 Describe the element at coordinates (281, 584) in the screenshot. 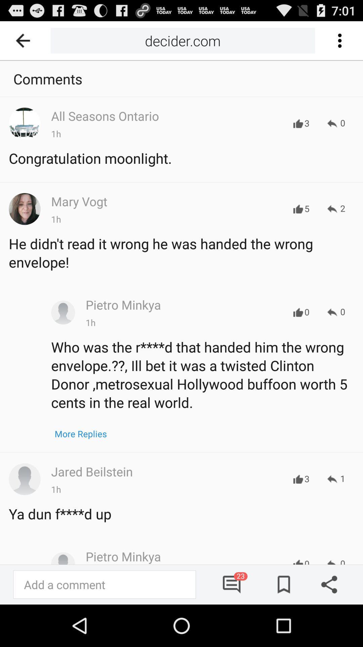

I see `bookmark article` at that location.